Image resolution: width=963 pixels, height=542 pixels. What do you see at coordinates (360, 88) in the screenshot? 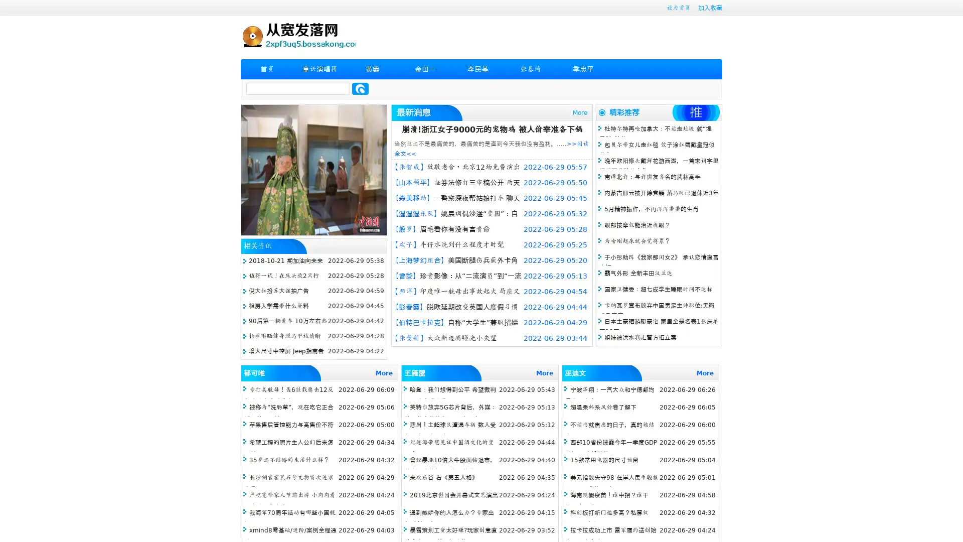
I see `Search` at bounding box center [360, 88].